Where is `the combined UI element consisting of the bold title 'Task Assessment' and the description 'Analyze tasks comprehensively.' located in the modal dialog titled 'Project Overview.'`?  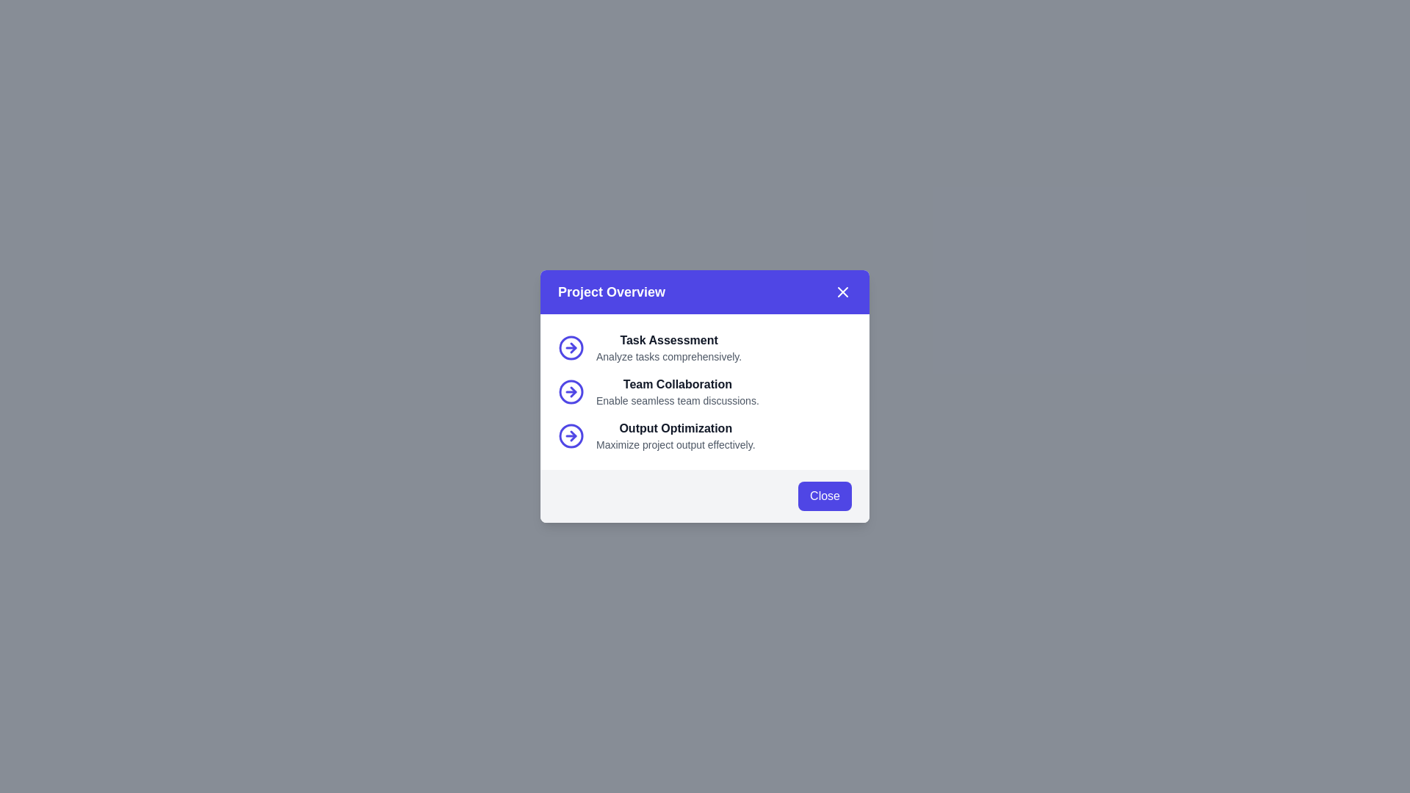
the combined UI element consisting of the bold title 'Task Assessment' and the description 'Analyze tasks comprehensively.' located in the modal dialog titled 'Project Overview.' is located at coordinates (668, 348).